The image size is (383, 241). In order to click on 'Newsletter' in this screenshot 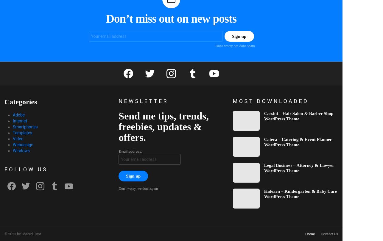, I will do `click(143, 101)`.